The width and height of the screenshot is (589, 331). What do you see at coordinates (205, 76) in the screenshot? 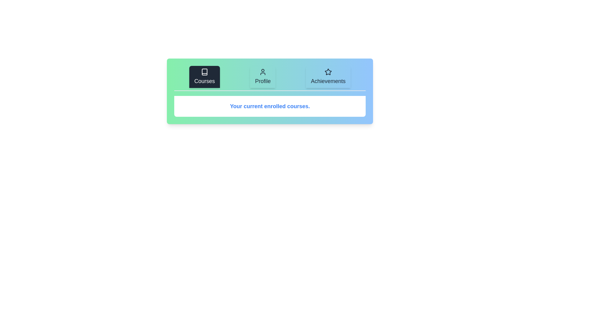
I see `the Courses tab to view its content` at bounding box center [205, 76].